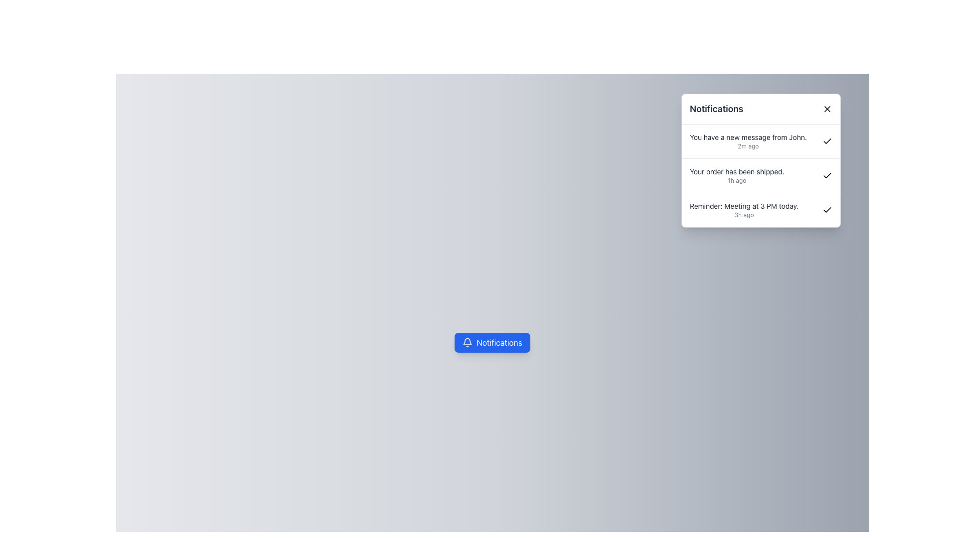 The image size is (957, 538). I want to click on the text label displaying 'You have a new message from John.' located in the notification dropdown under 'Notifications', so click(748, 137).